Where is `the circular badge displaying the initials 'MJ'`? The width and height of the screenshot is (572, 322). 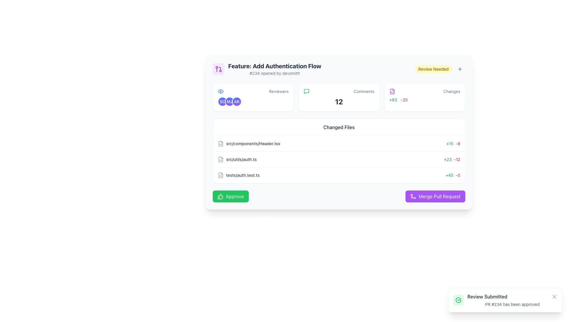 the circular badge displaying the initials 'MJ' is located at coordinates (229, 101).